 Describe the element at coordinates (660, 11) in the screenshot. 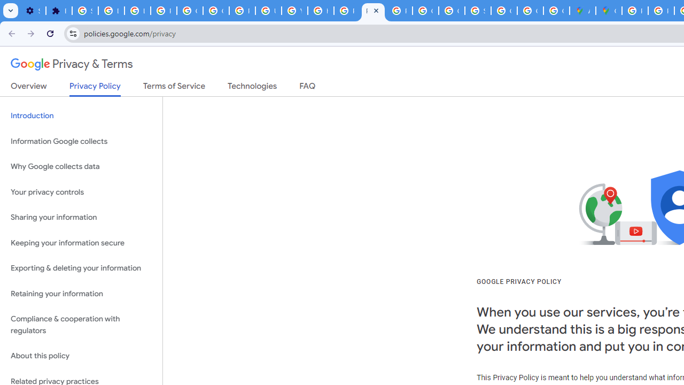

I see `'Privacy Help Center - Policies Help'` at that location.